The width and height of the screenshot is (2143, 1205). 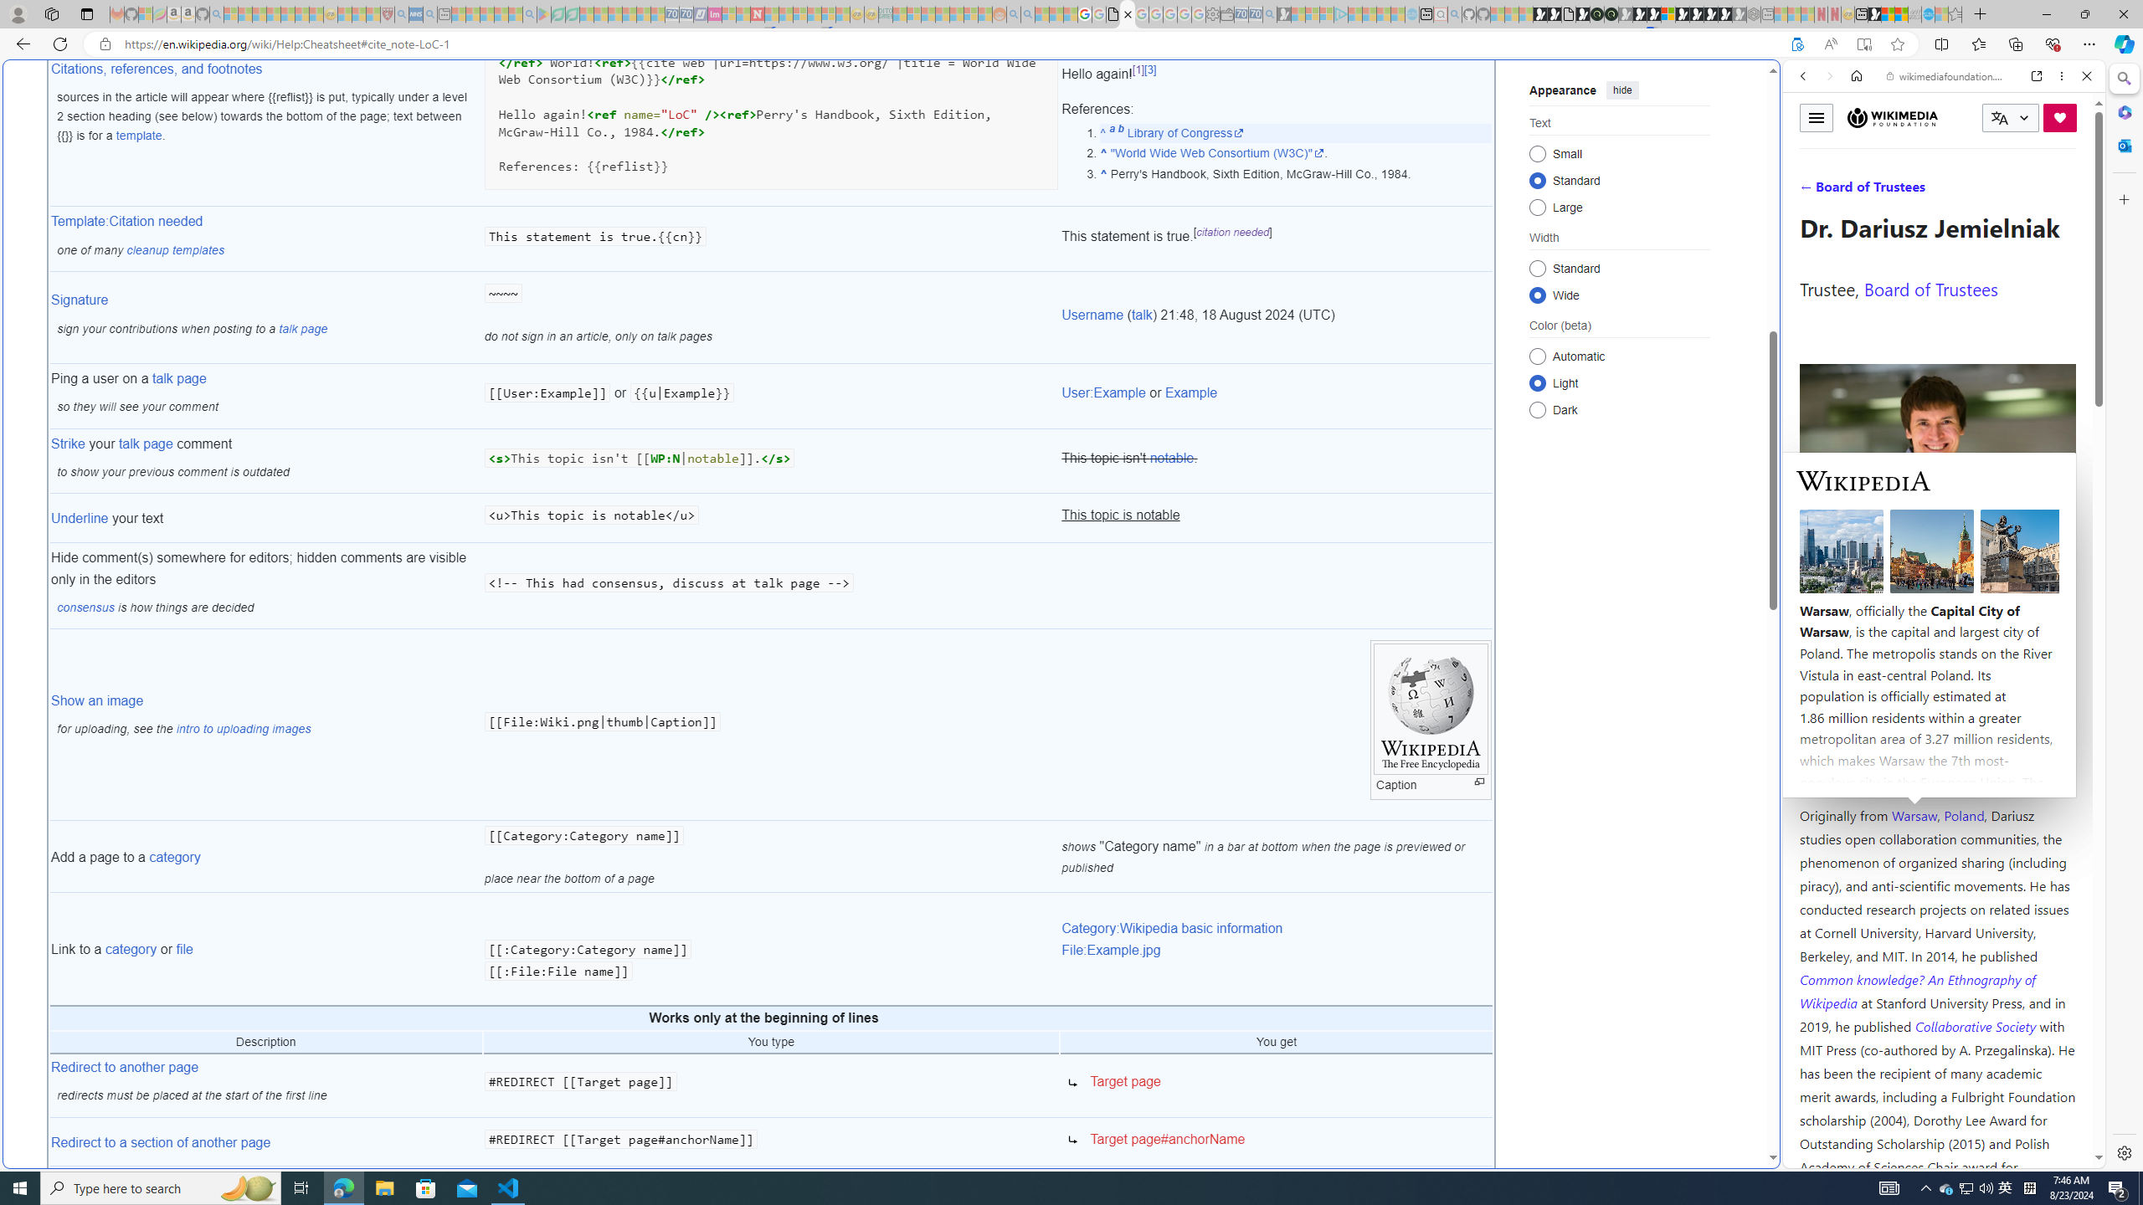 What do you see at coordinates (1276, 1042) in the screenshot?
I see `'You get'` at bounding box center [1276, 1042].